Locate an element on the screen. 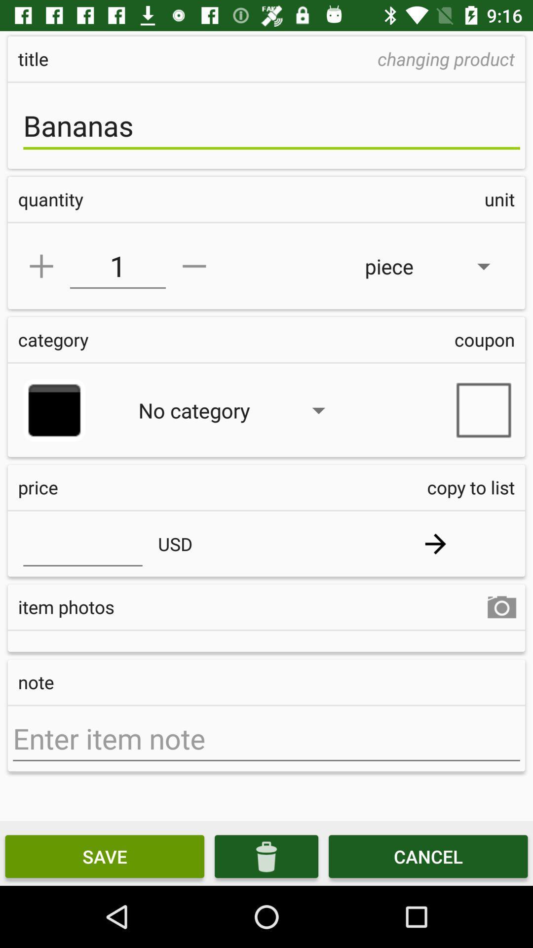 The width and height of the screenshot is (533, 948). the 1 item is located at coordinates (117, 266).